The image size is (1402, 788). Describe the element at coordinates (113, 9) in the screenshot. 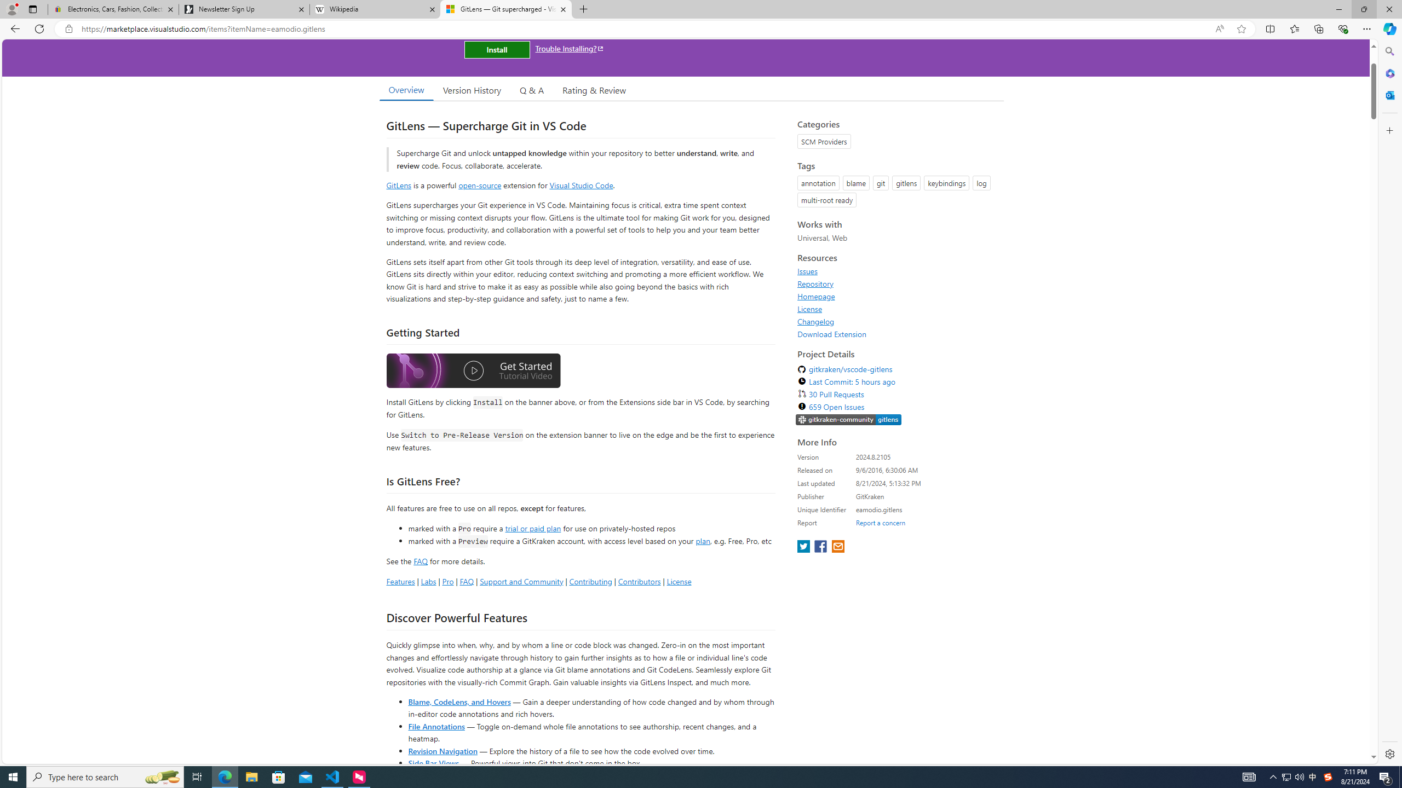

I see `'Electronics, Cars, Fashion, Collectibles & More | eBay'` at that location.